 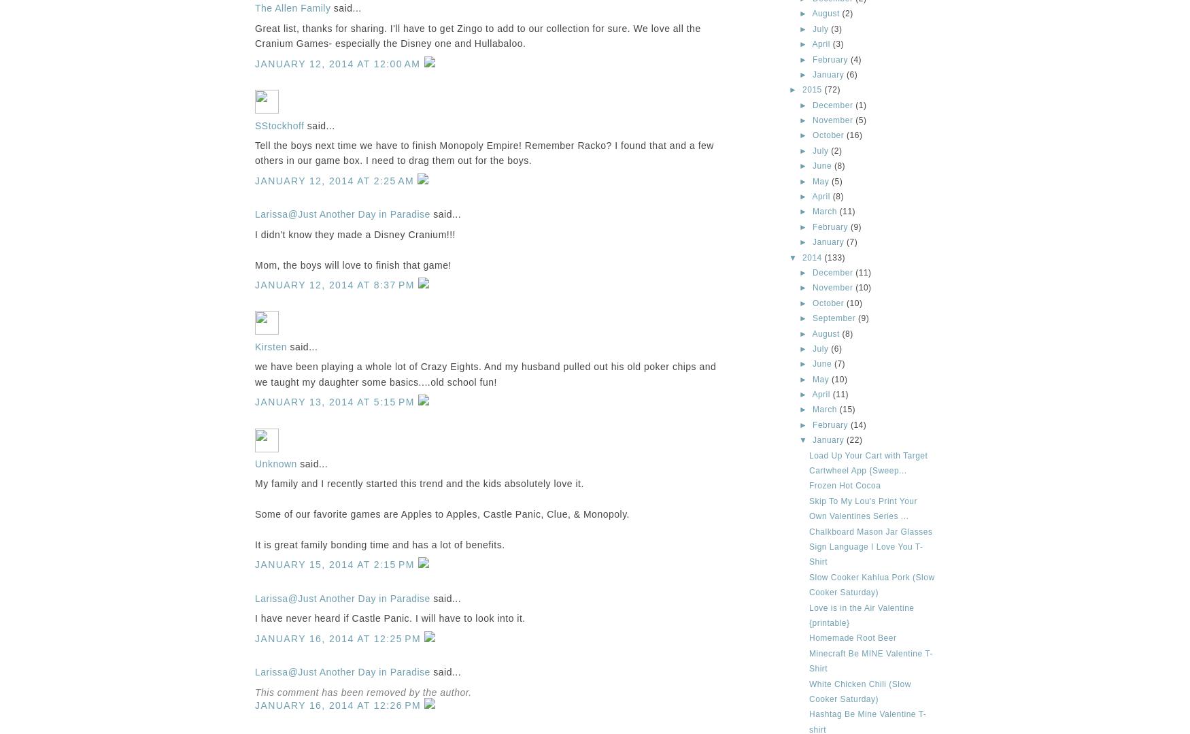 I want to click on '(133)', so click(x=834, y=256).